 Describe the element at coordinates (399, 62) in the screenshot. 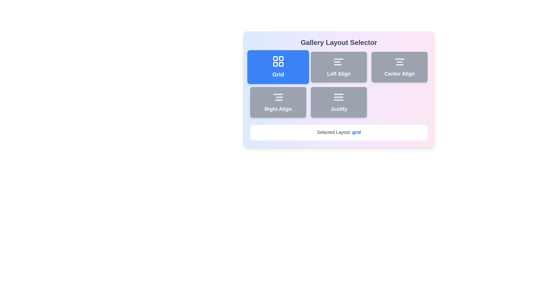

I see `the 'Center Align' icon located in the top center of the 'Center Align' button within the 'Gallery Layout Selector' interface` at that location.